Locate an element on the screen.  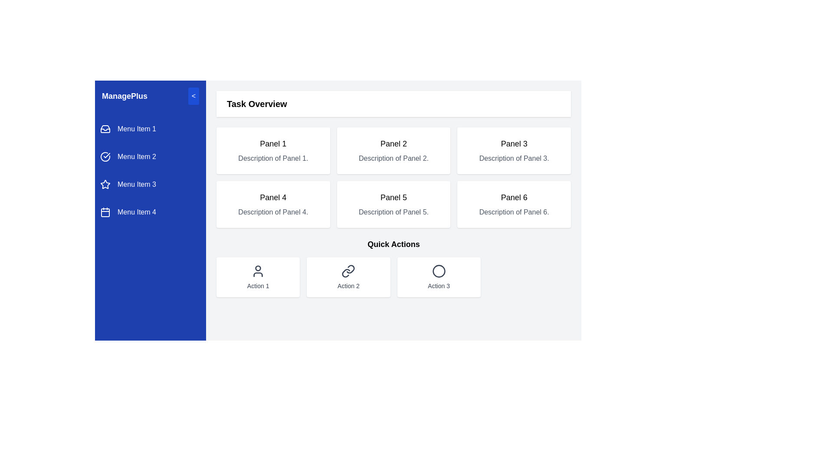
the text label containing 'Menu Item 4', which is styled in white on a blue background and is the fourth item in the vertical list of menu items on the left-side navigation menu is located at coordinates (136, 212).